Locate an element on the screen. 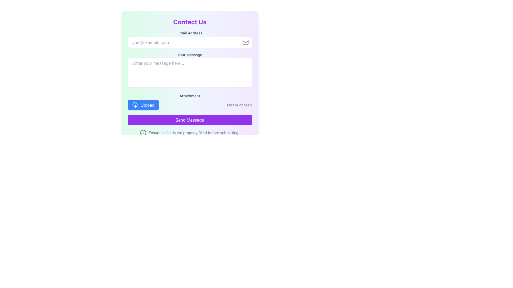 This screenshot has height=288, width=513. the minimalist outline mail icon located on the right side of the 'Email Address' input field is located at coordinates (245, 42).